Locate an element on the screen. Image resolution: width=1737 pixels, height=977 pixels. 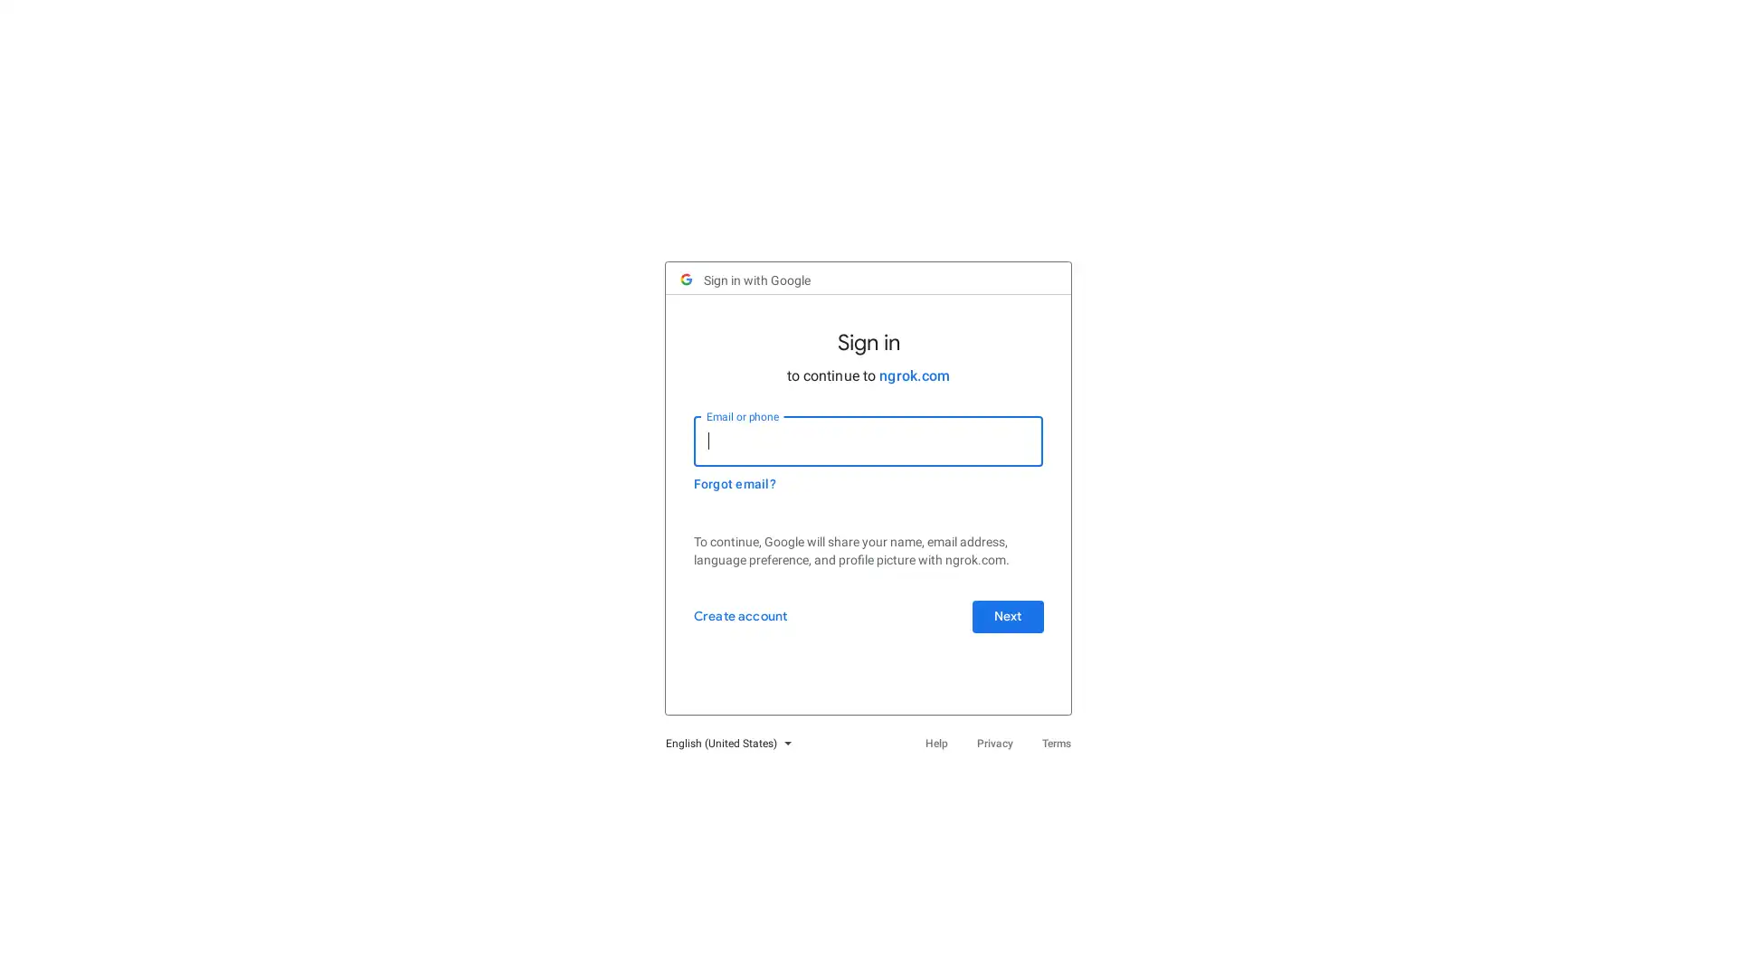
ngrok.com is located at coordinates (915, 386).